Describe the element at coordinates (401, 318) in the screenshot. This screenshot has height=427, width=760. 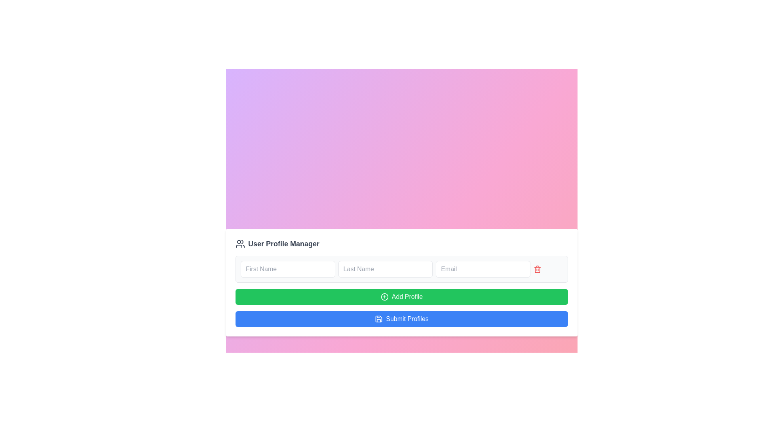
I see `the blue rounded button labeled 'Submit Profiles' to activate hover effects such as color change` at that location.